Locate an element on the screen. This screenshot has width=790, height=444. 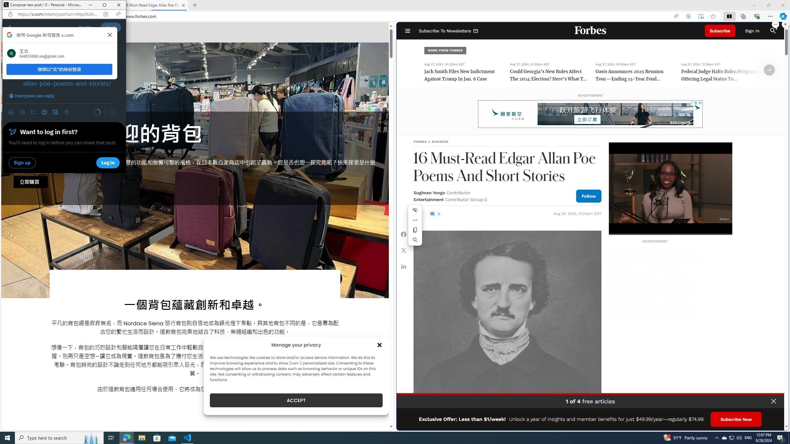
'FORBES' is located at coordinates (420, 142).